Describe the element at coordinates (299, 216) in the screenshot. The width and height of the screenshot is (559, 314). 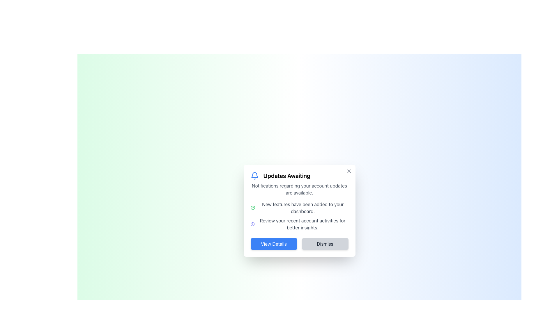
I see `the informational text block that displays updates about new features and account activities, located below the heading 'Updates Awaiting' and above the buttons 'View Details' and 'Dismiss'` at that location.